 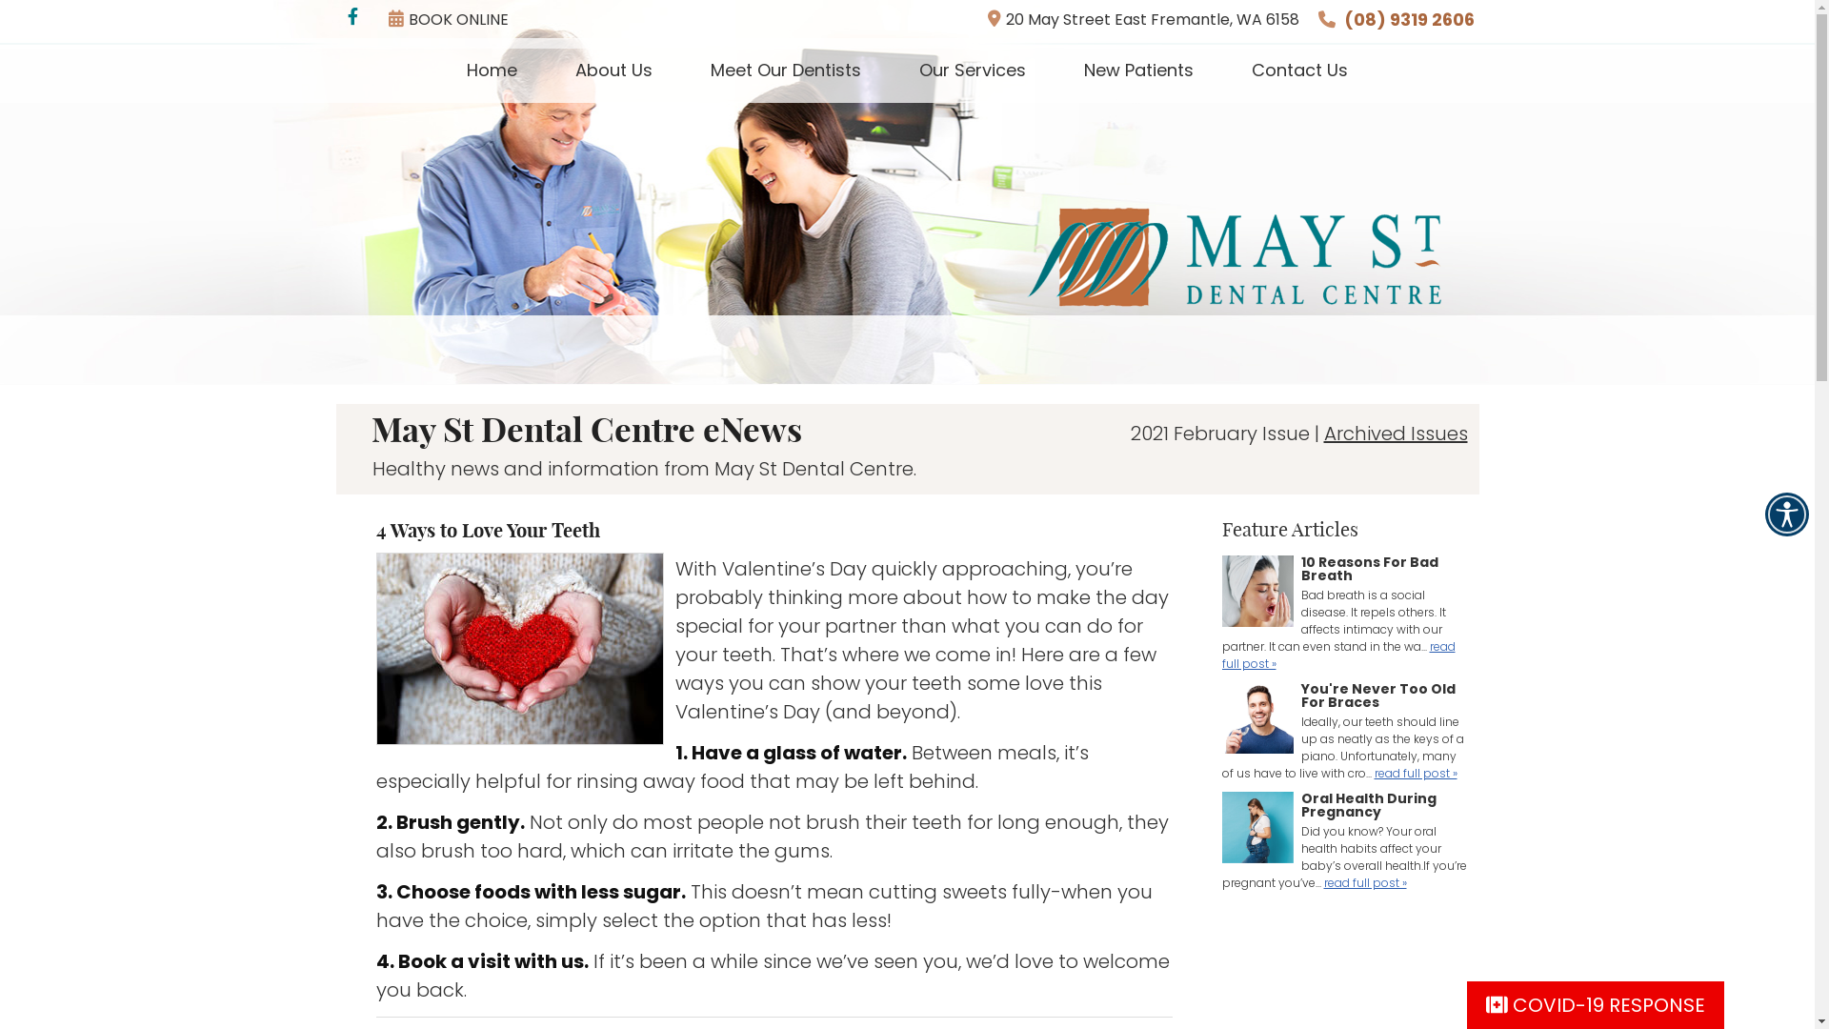 I want to click on 'Our Services', so click(x=973, y=69).